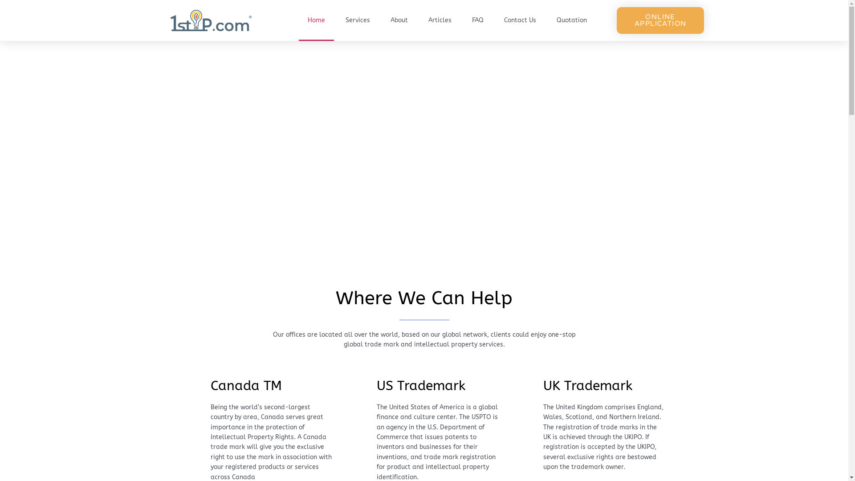 The image size is (855, 481). Describe the element at coordinates (399, 20) in the screenshot. I see `'About'` at that location.